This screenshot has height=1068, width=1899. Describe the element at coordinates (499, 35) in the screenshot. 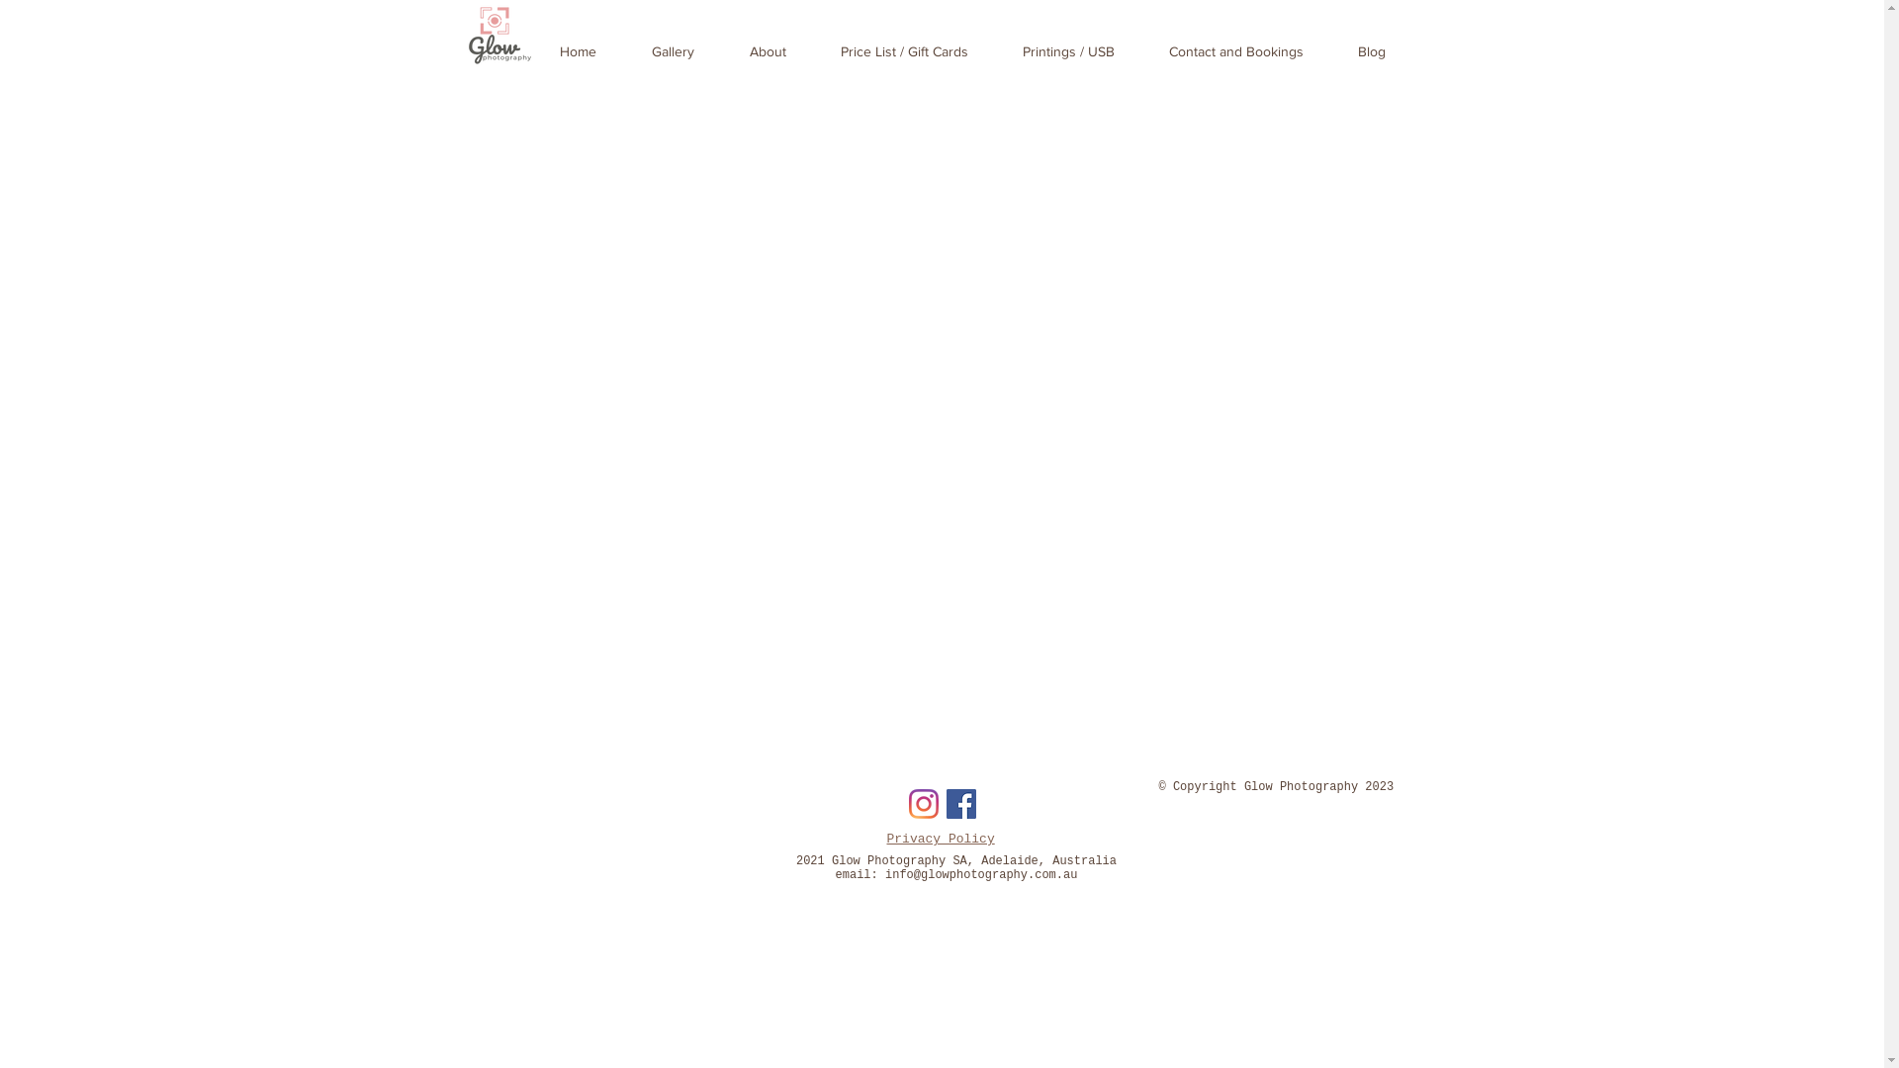

I see `'Glow Photography Logo tm'` at that location.